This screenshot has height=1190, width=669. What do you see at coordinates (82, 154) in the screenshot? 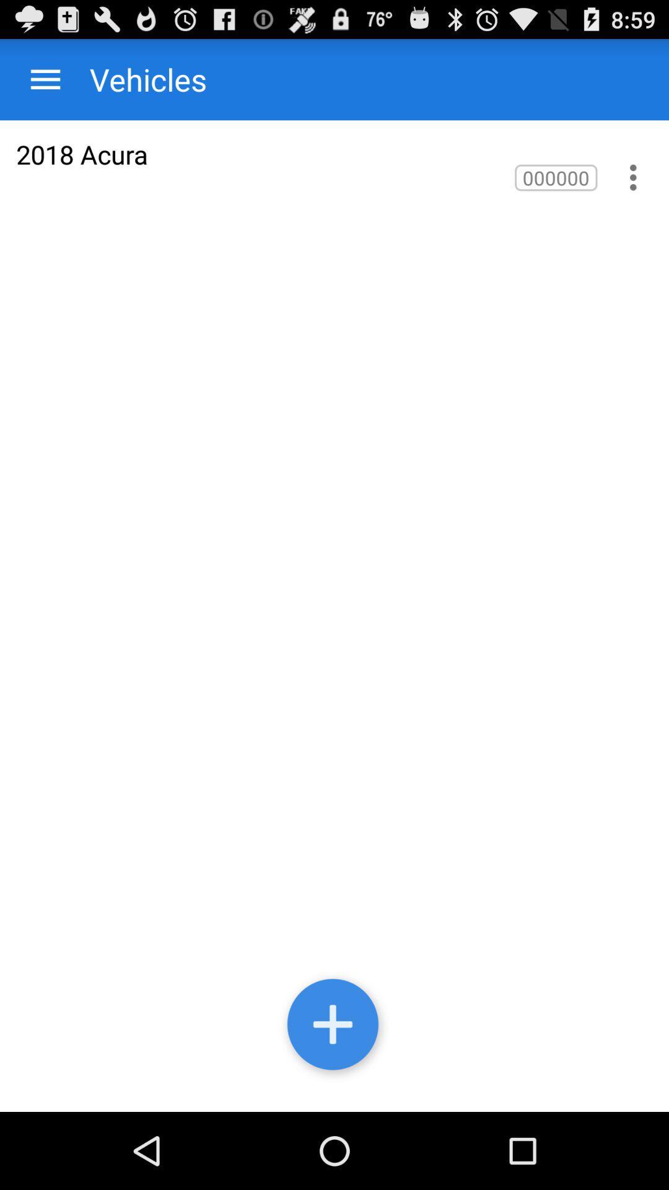
I see `the 2018 acura item` at bounding box center [82, 154].